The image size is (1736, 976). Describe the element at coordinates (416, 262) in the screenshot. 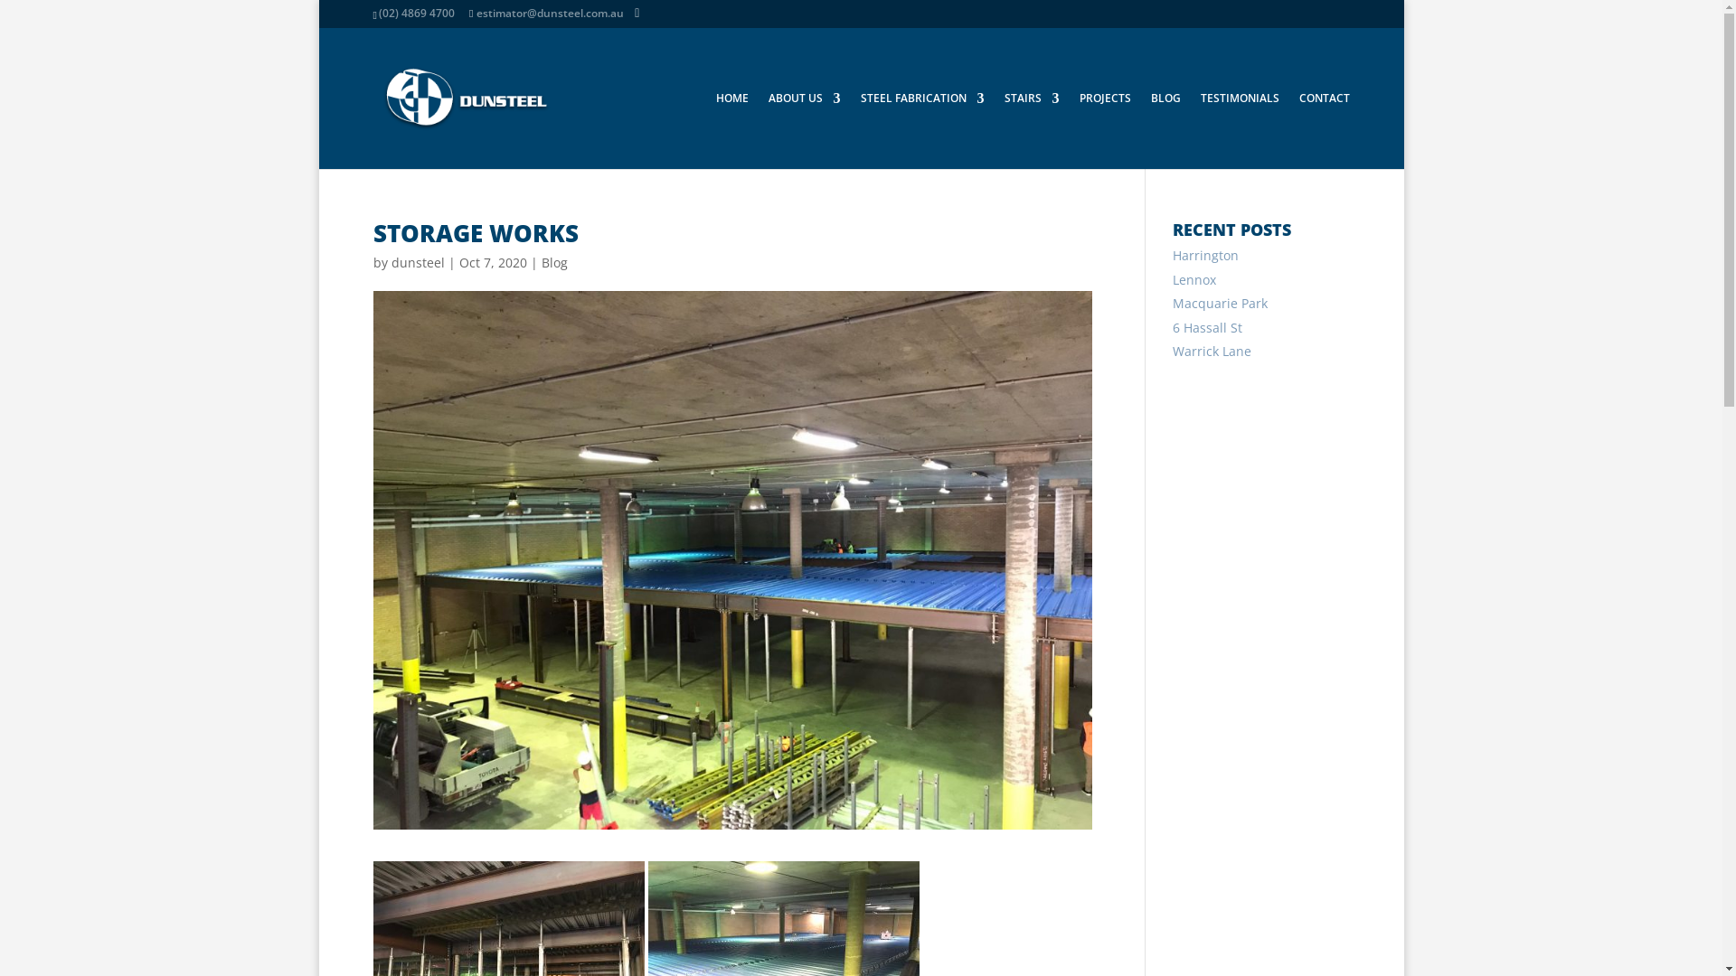

I see `'dunsteel'` at that location.